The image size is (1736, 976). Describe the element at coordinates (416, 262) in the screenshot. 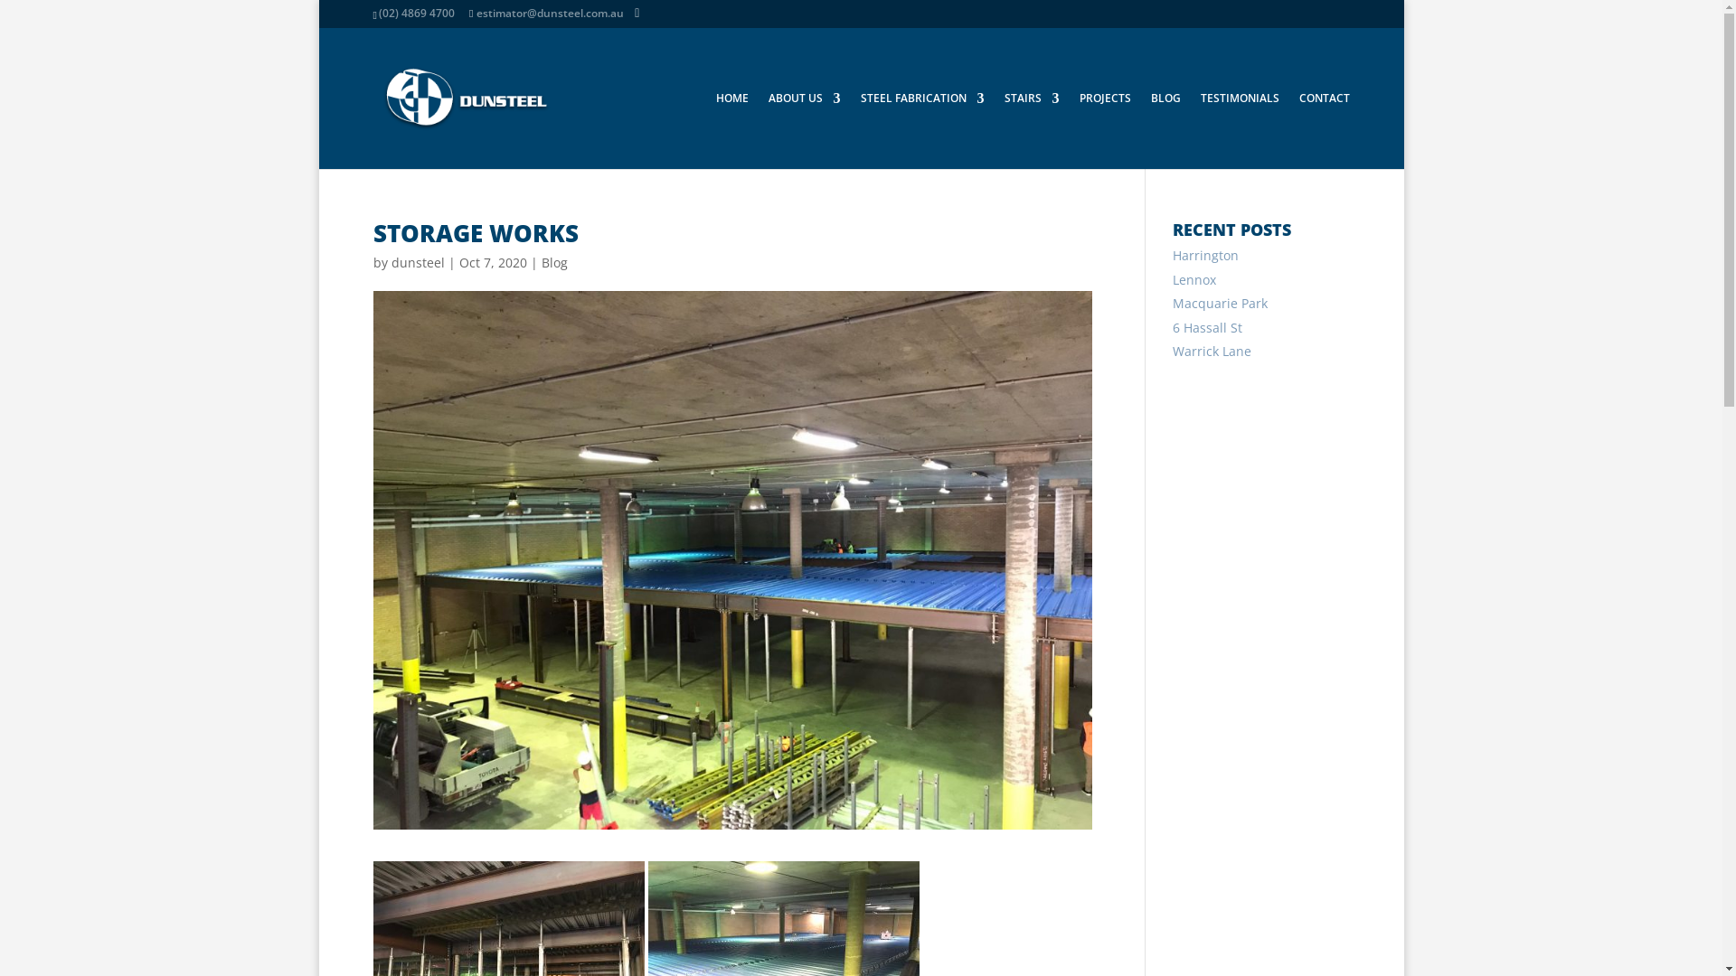

I see `'dunsteel'` at that location.